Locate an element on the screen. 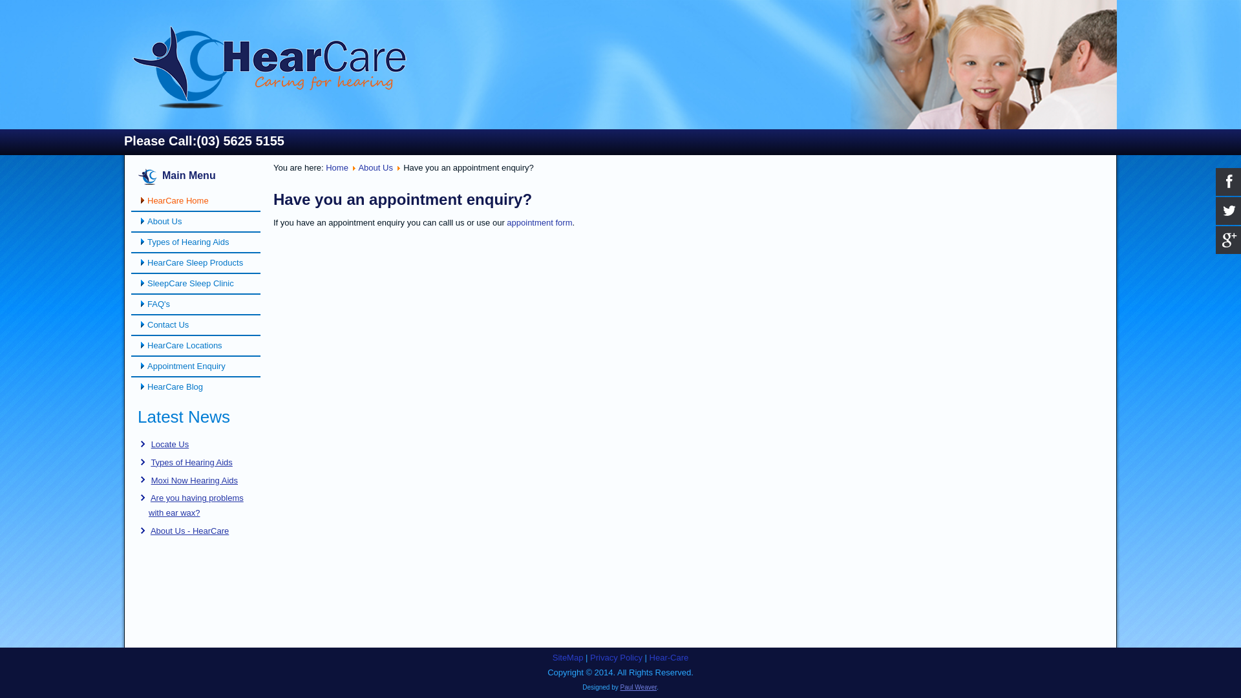 The width and height of the screenshot is (1241, 698). 'appointment form' is located at coordinates (539, 222).